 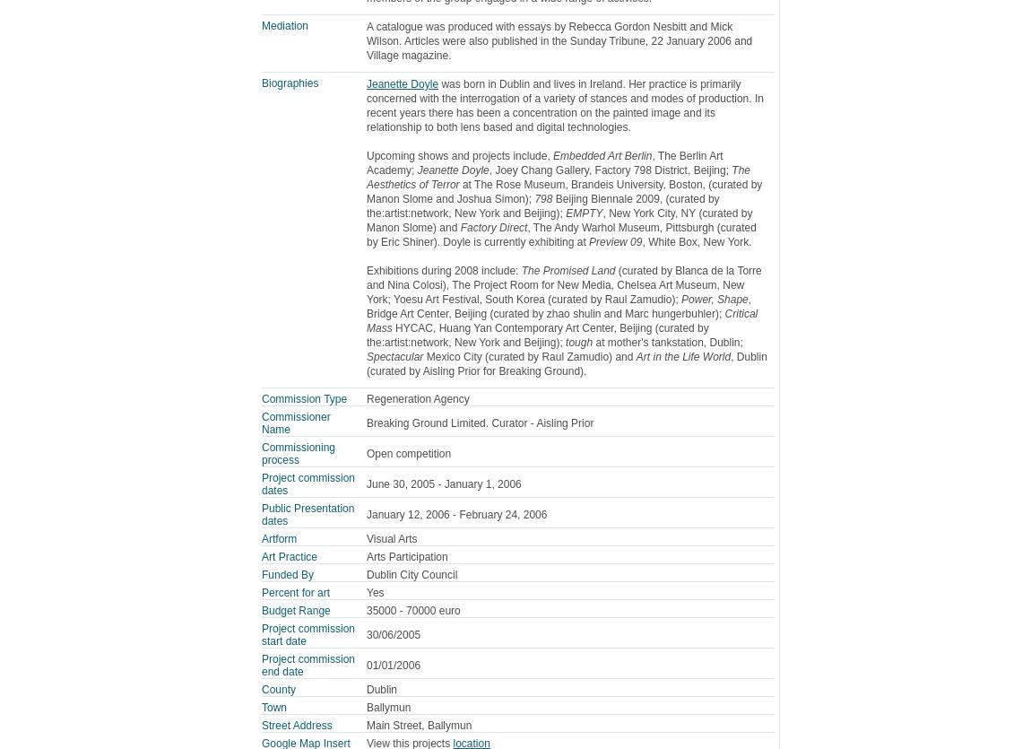 I want to click on 'Visual Arts', so click(x=392, y=538).